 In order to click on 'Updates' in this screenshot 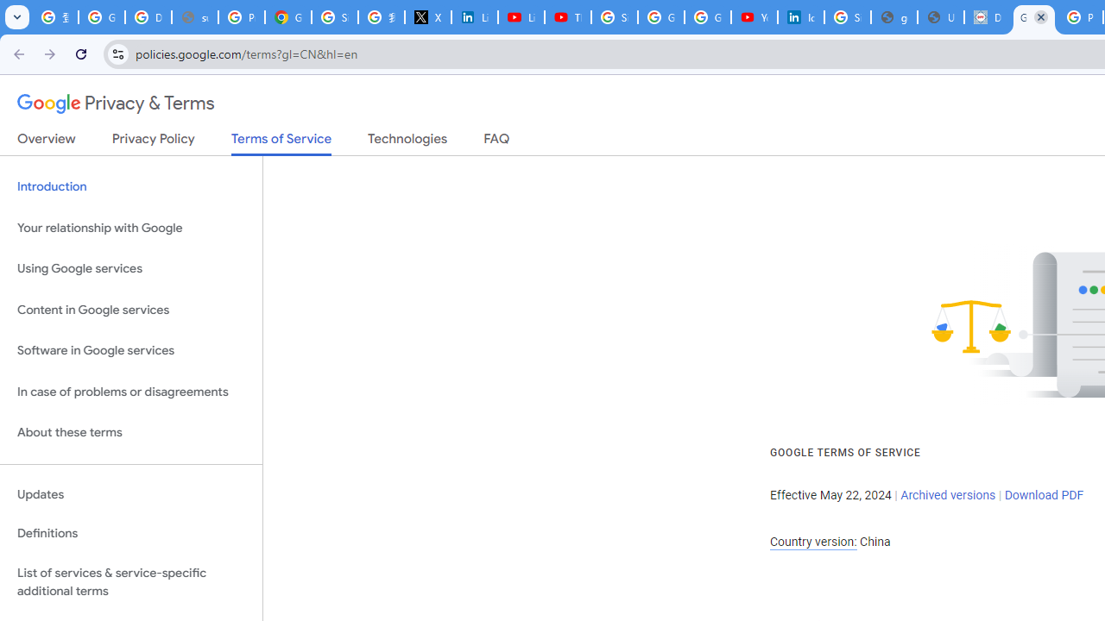, I will do `click(130, 494)`.